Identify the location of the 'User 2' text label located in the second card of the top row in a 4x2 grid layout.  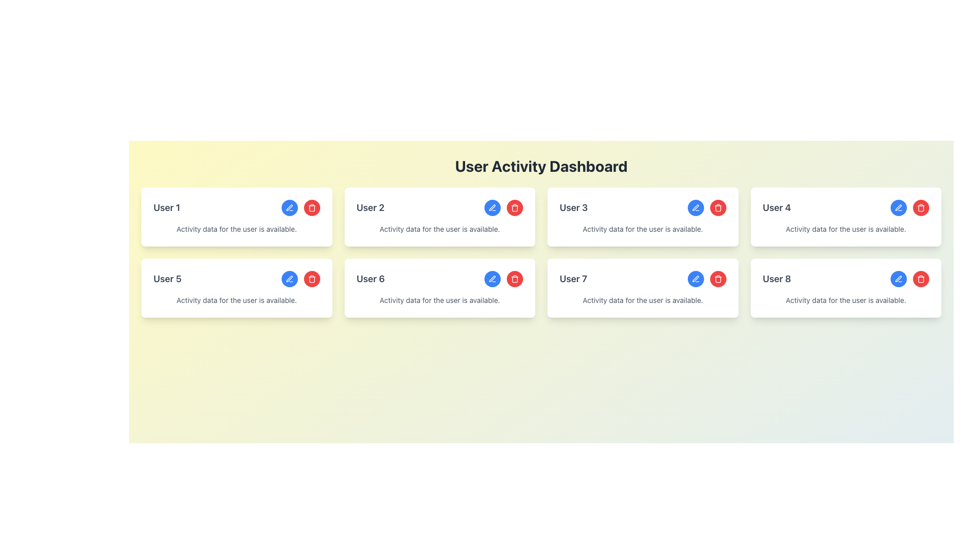
(370, 207).